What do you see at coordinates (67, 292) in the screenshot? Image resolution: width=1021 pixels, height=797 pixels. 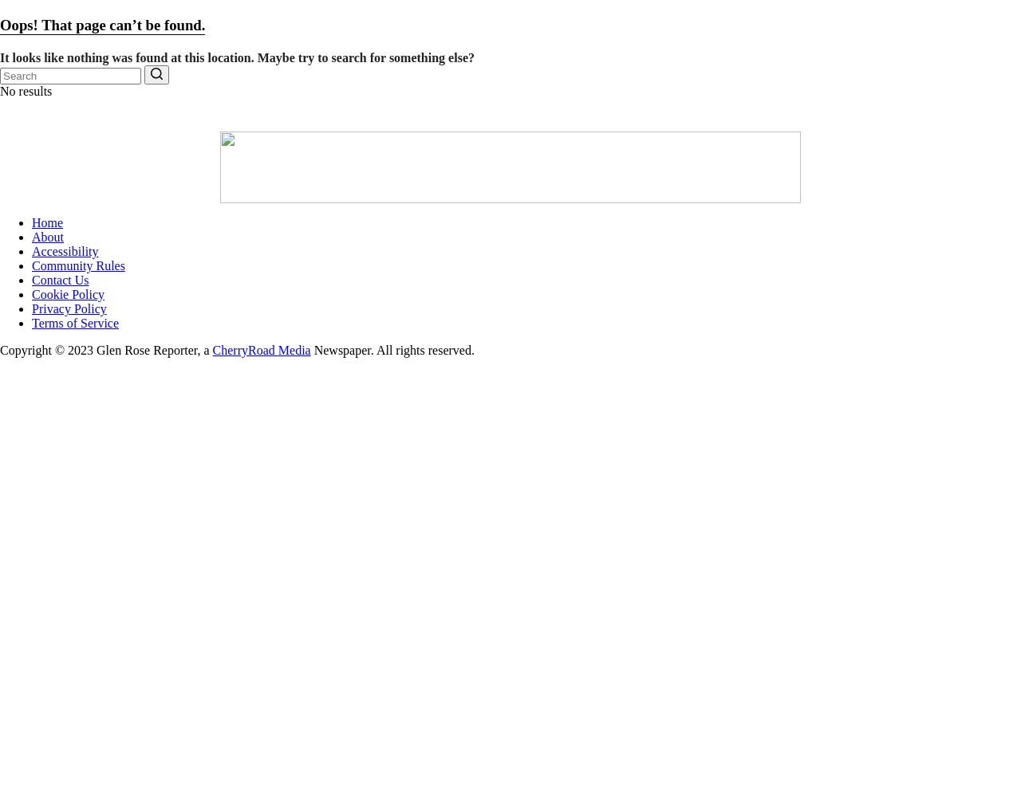 I see `'Cookie Policy'` at bounding box center [67, 292].